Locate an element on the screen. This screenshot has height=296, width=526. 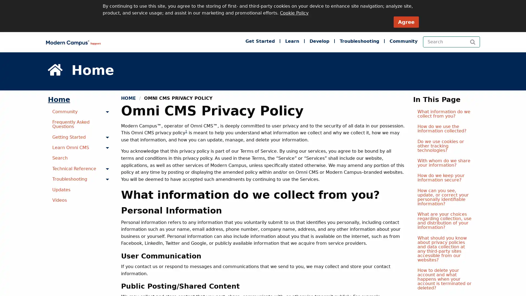
Toggle menu is located at coordinates (107, 137).